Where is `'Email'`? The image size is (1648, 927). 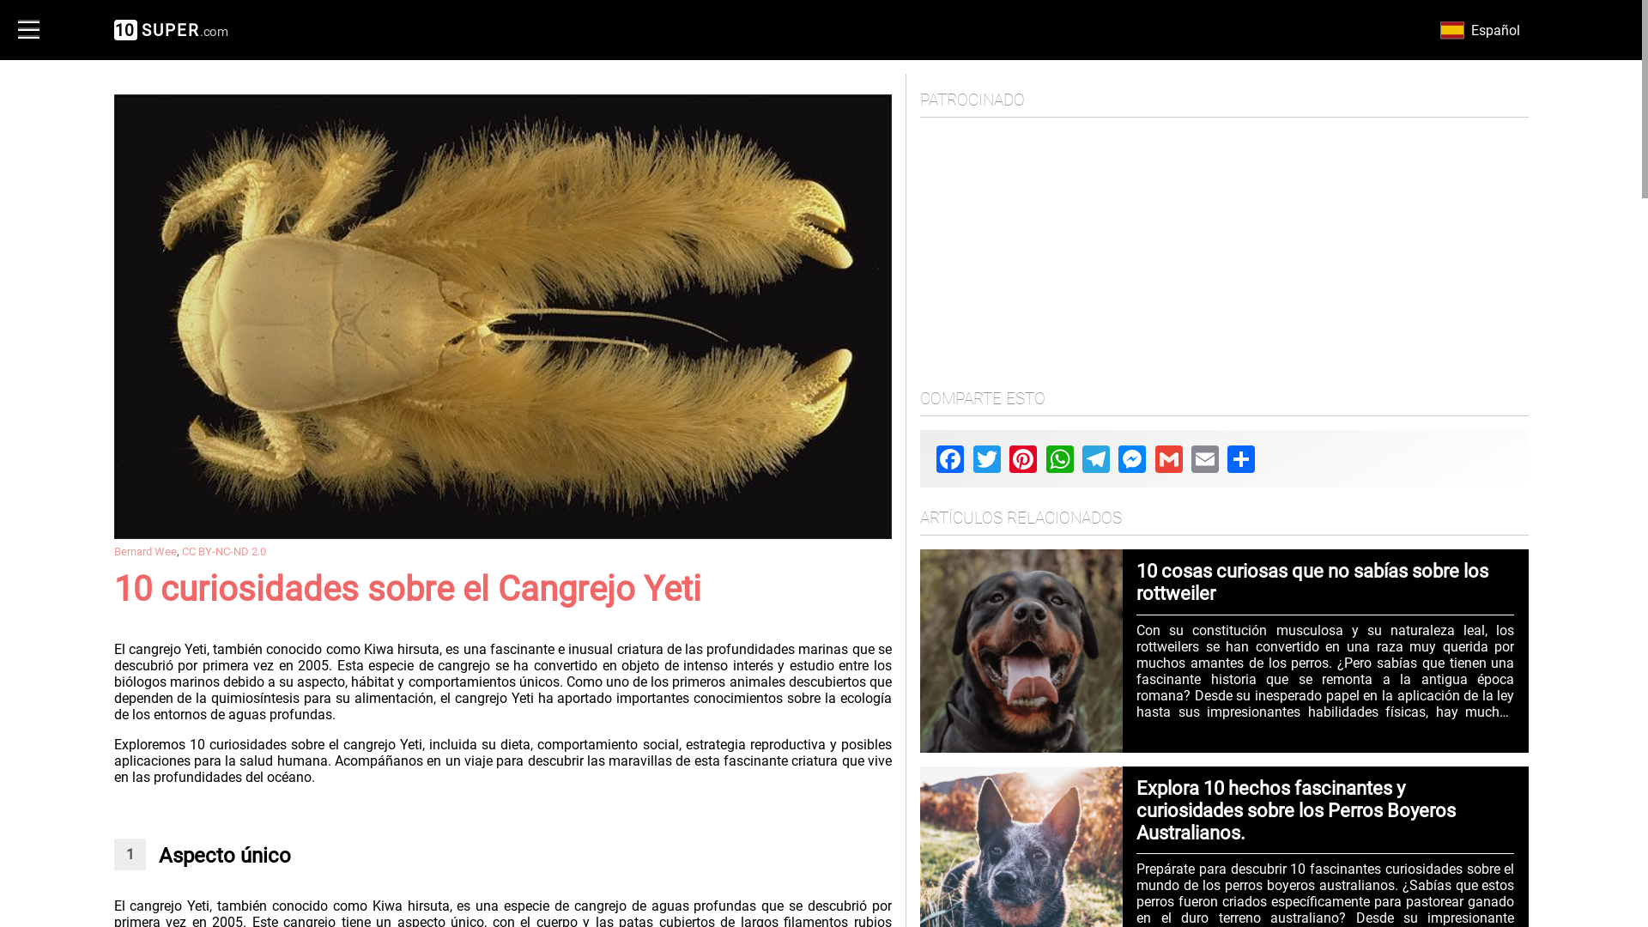
'Email' is located at coordinates (1203, 458).